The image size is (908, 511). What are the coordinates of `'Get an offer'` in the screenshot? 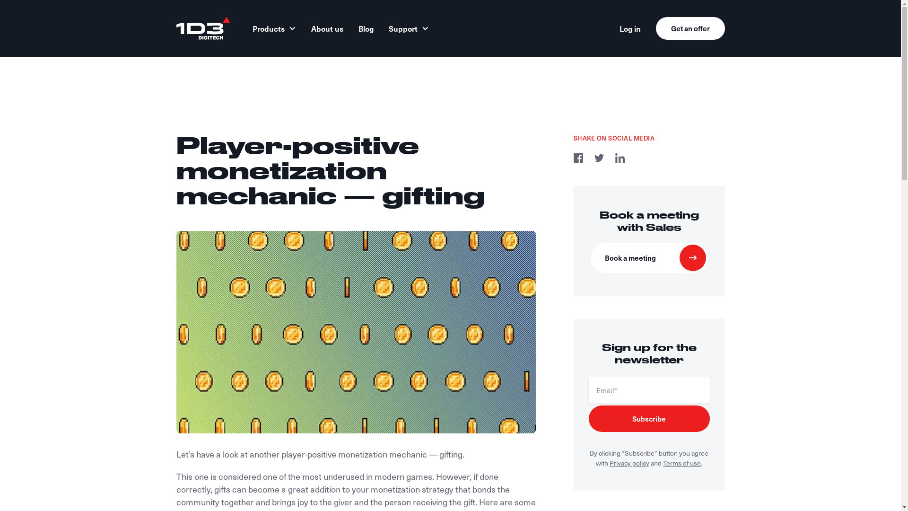 It's located at (690, 28).